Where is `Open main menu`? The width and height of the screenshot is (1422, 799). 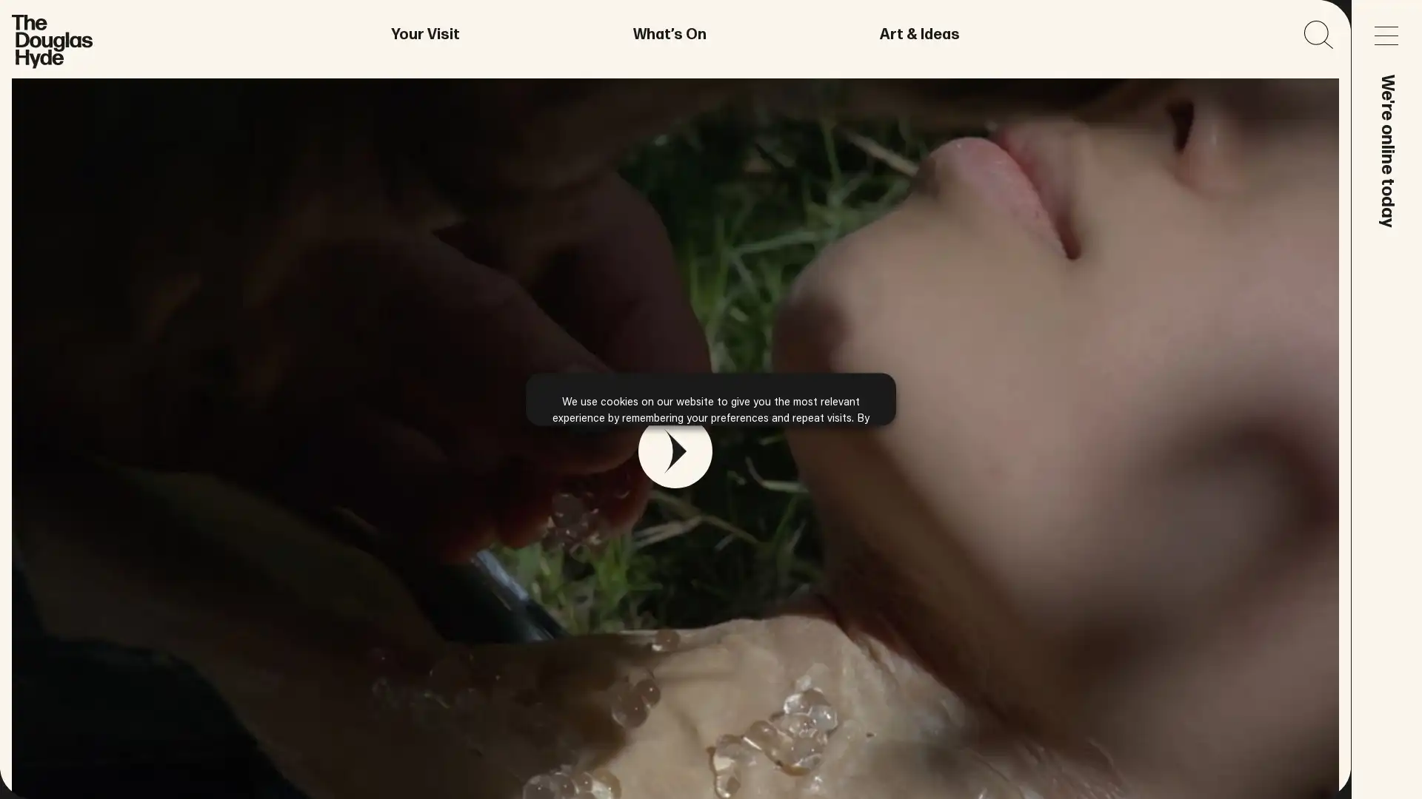 Open main menu is located at coordinates (1386, 34).